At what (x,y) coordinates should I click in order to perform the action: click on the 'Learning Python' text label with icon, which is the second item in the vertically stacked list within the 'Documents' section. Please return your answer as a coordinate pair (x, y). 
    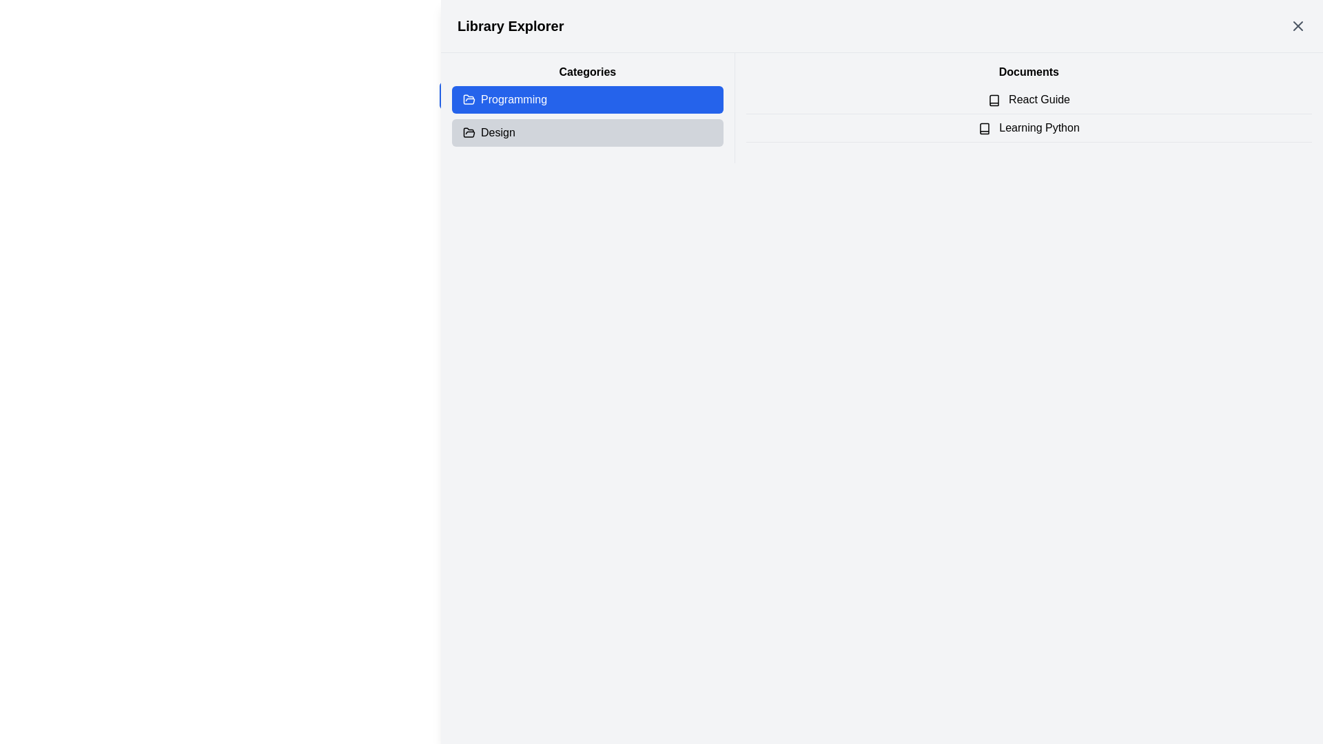
    Looking at the image, I should click on (1029, 128).